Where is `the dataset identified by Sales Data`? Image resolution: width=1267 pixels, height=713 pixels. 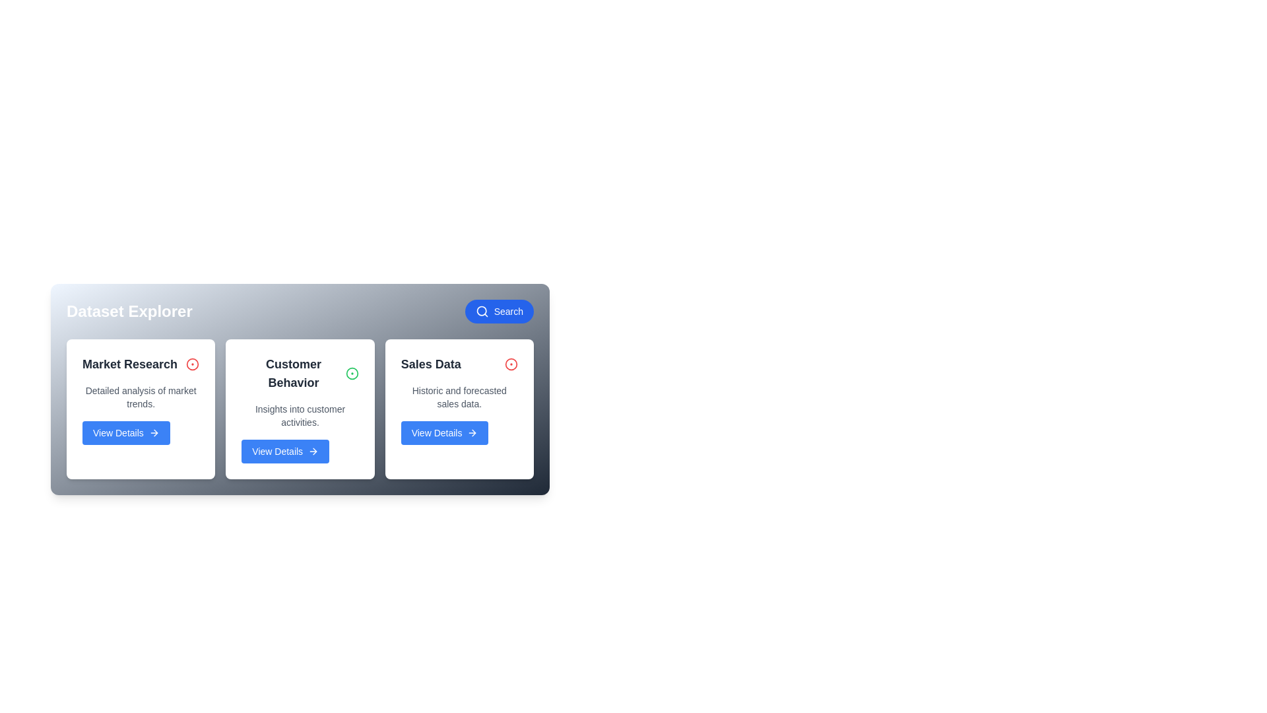
the dataset identified by Sales Data is located at coordinates (510, 364).